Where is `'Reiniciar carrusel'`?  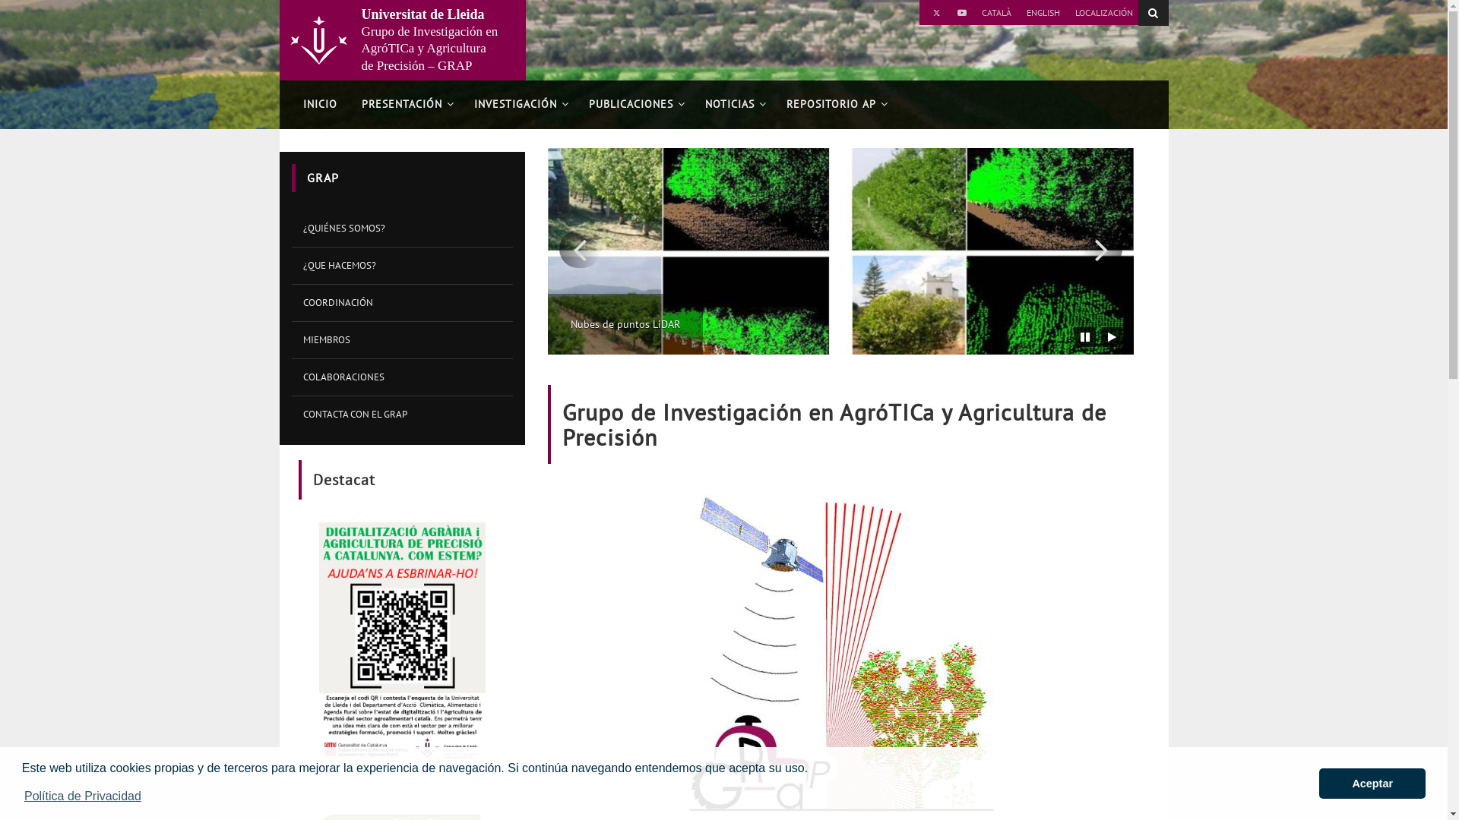
'Reiniciar carrusel' is located at coordinates (1112, 336).